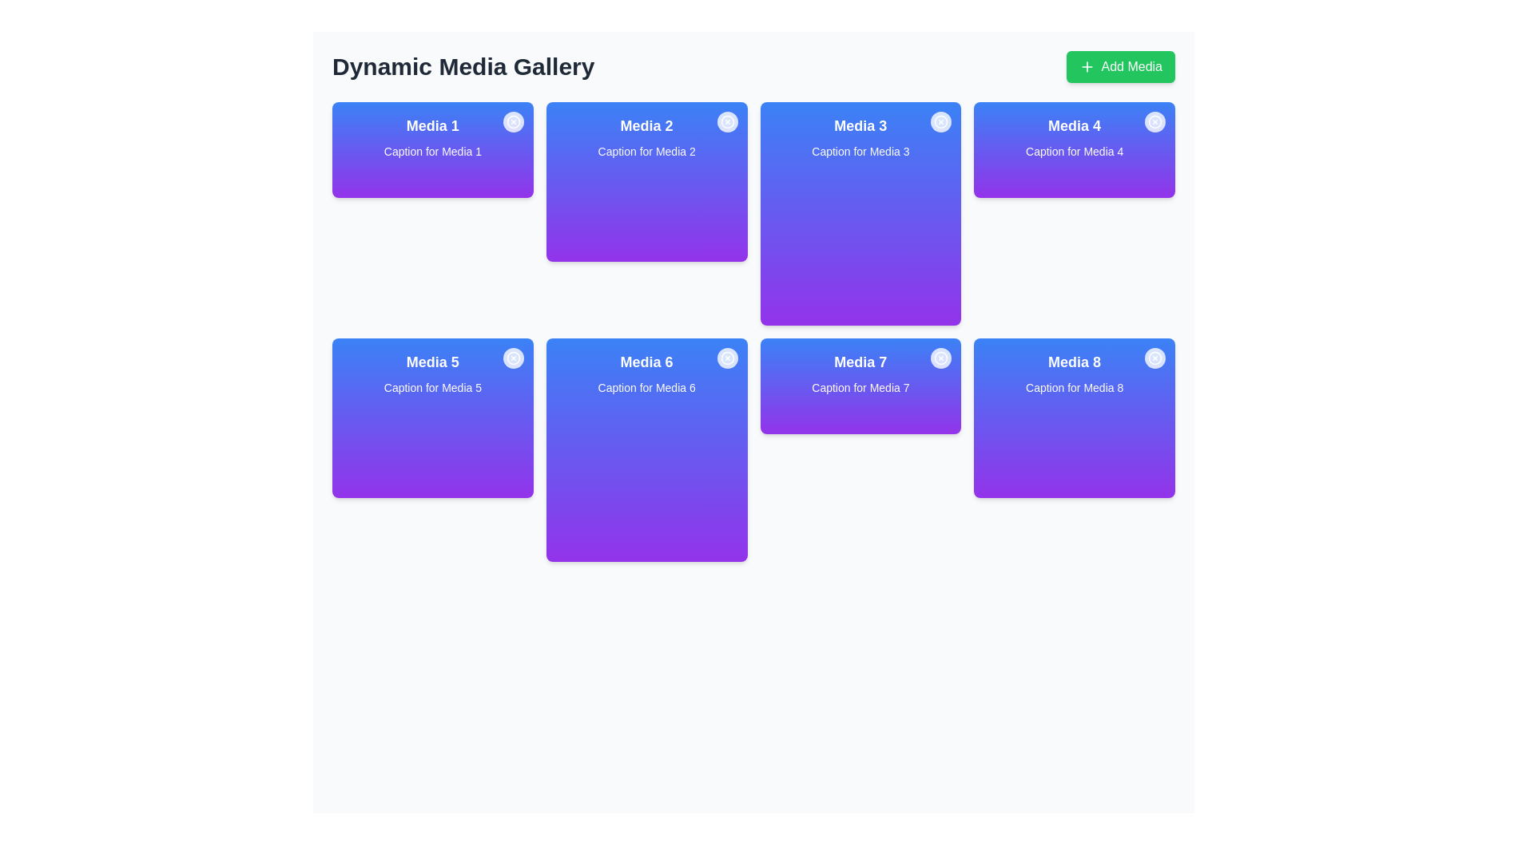 This screenshot has height=862, width=1534. What do you see at coordinates (432, 125) in the screenshot?
I see `text label 'Media 1' which is displayed in a bold font at the top of the first card in the grid layout` at bounding box center [432, 125].